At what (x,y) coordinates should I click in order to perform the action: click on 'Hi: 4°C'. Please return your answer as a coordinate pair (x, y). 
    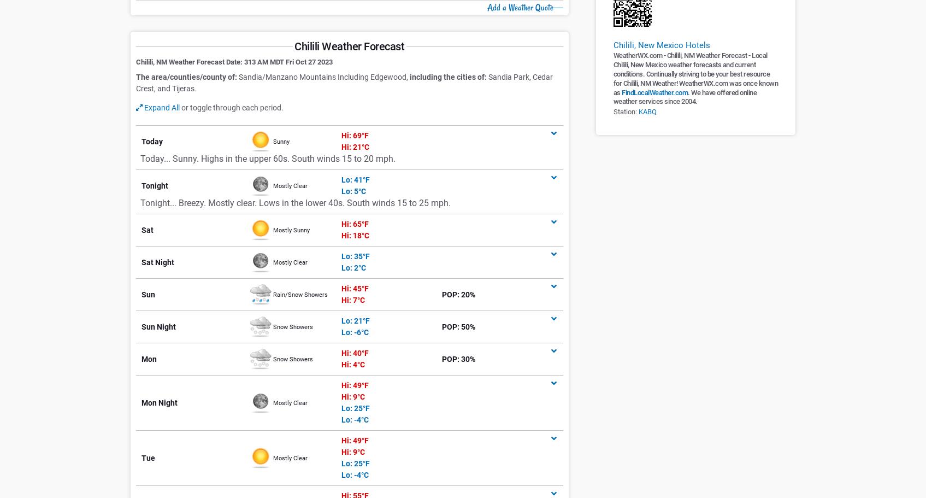
    Looking at the image, I should click on (352, 364).